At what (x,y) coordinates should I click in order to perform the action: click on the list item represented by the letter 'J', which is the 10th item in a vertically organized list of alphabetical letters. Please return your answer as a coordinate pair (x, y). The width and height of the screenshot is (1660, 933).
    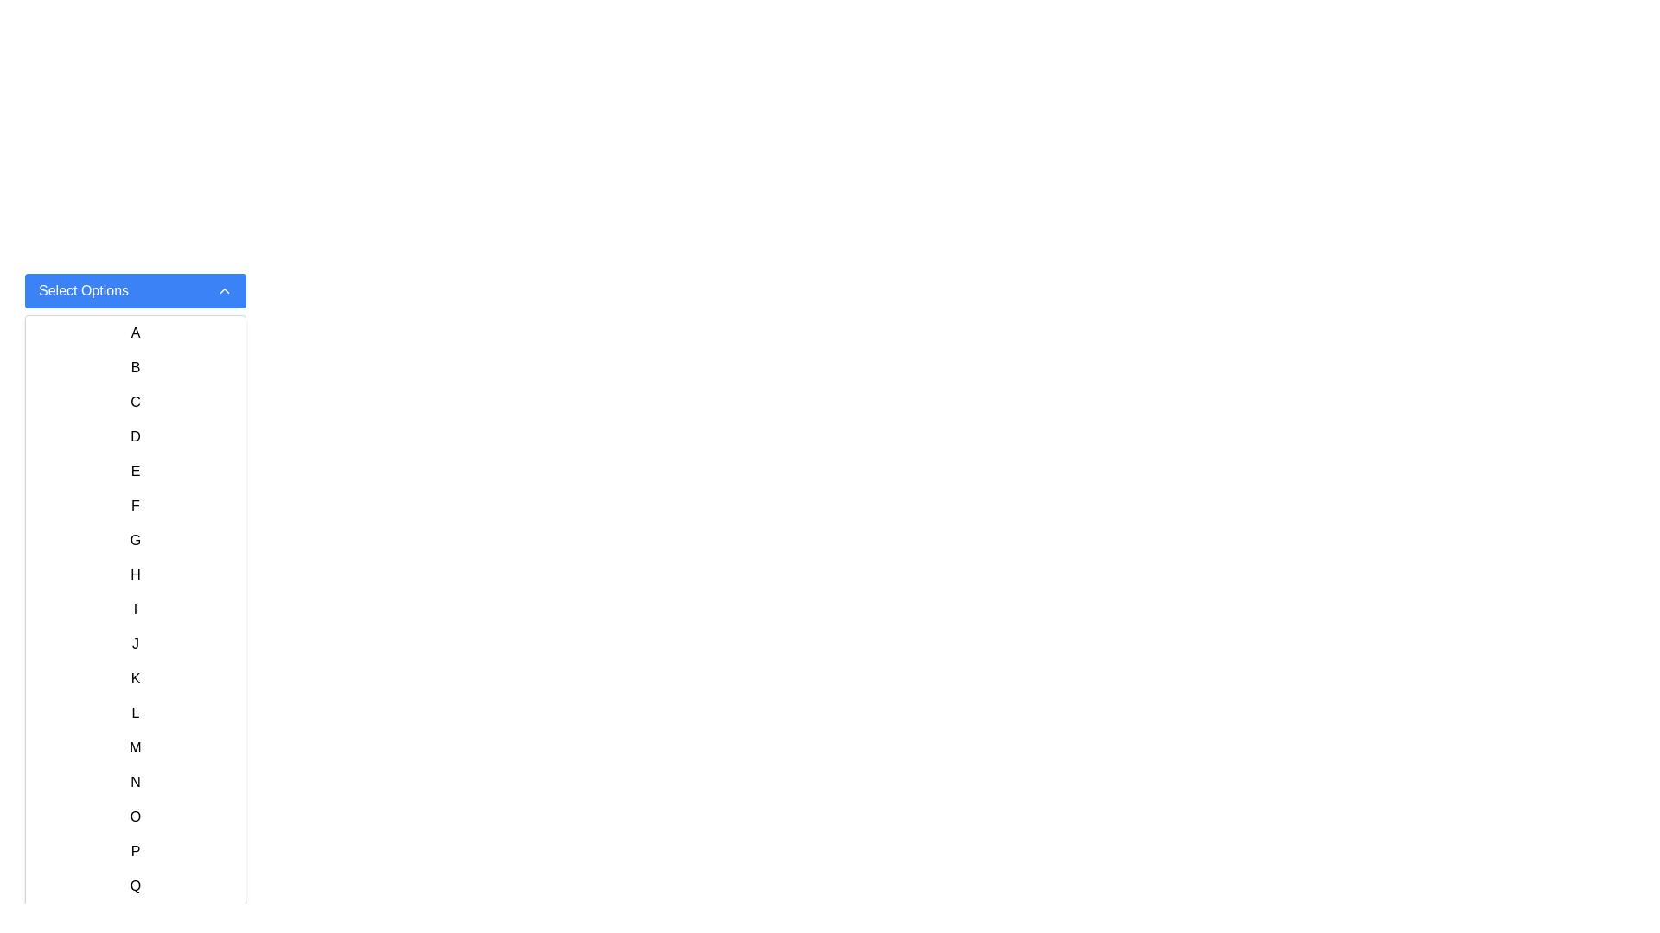
    Looking at the image, I should click on (135, 644).